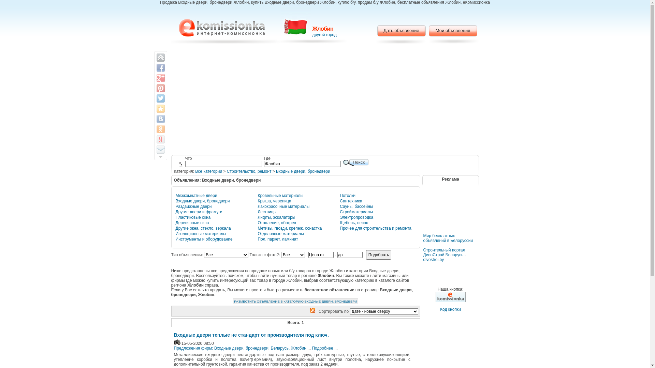 The width and height of the screenshot is (655, 368). Describe the element at coordinates (160, 108) in the screenshot. I see `'Save to Browser Favorites'` at that location.